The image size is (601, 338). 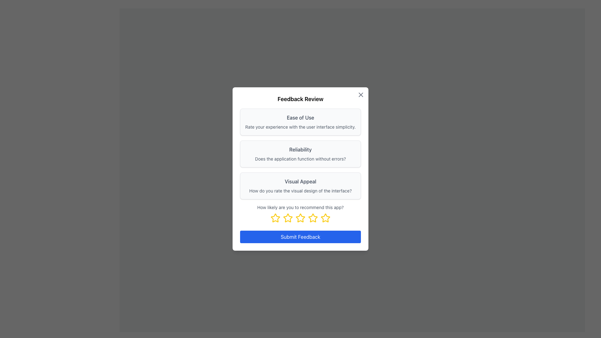 I want to click on the first yellow star icon in the rating interface, so click(x=275, y=218).